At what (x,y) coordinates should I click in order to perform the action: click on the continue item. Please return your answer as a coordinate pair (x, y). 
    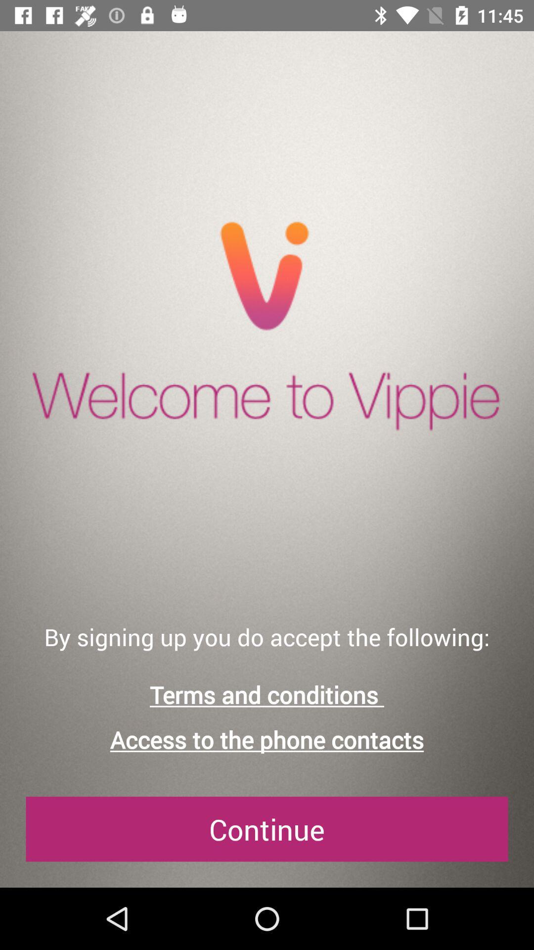
    Looking at the image, I should click on (267, 829).